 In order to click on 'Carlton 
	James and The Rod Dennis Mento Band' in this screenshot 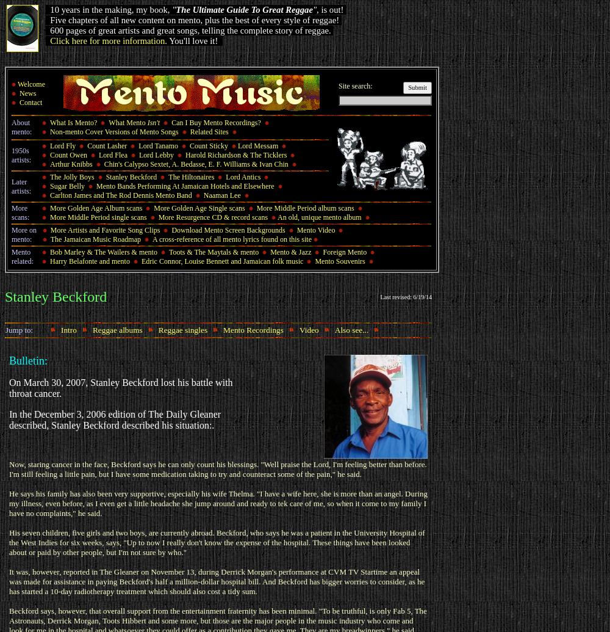, I will do `click(49, 195)`.